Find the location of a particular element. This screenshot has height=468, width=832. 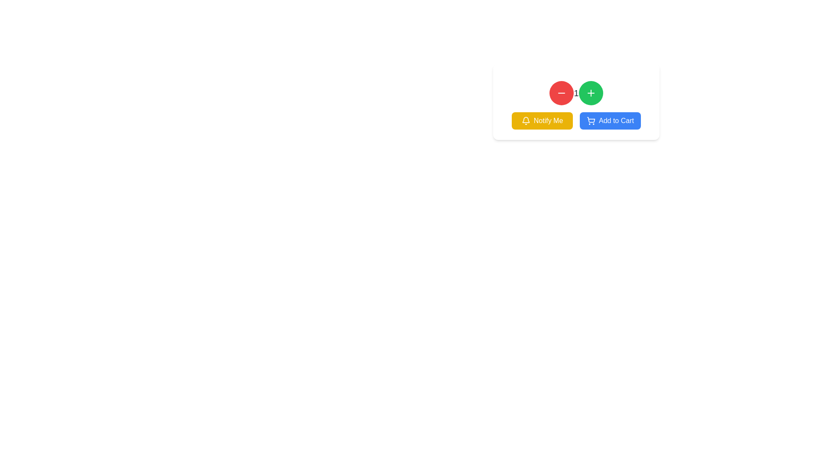

the shopping cart icon located to the left of the 'Add to Cart' text within the rightmost button at the bottom right of the interface is located at coordinates (590, 120).